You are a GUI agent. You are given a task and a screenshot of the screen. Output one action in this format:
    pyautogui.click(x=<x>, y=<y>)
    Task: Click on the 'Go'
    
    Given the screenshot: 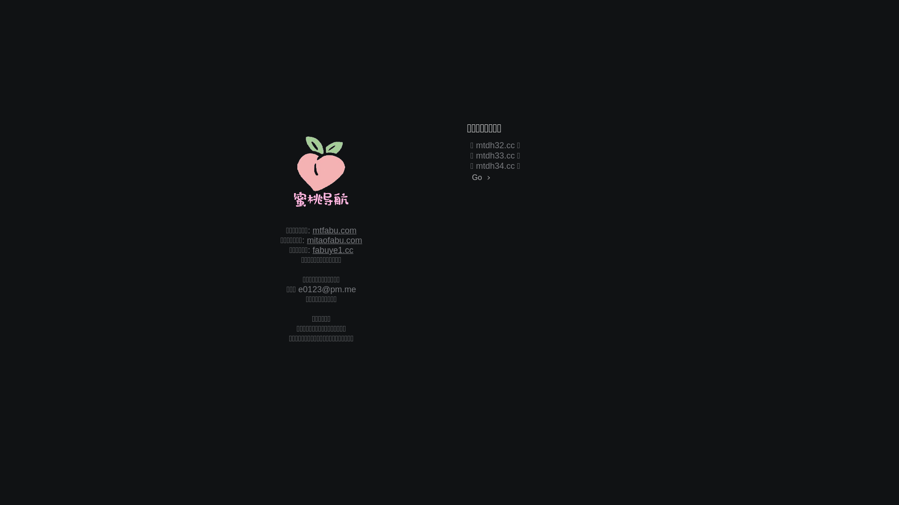 What is the action you would take?
    pyautogui.click(x=470, y=177)
    